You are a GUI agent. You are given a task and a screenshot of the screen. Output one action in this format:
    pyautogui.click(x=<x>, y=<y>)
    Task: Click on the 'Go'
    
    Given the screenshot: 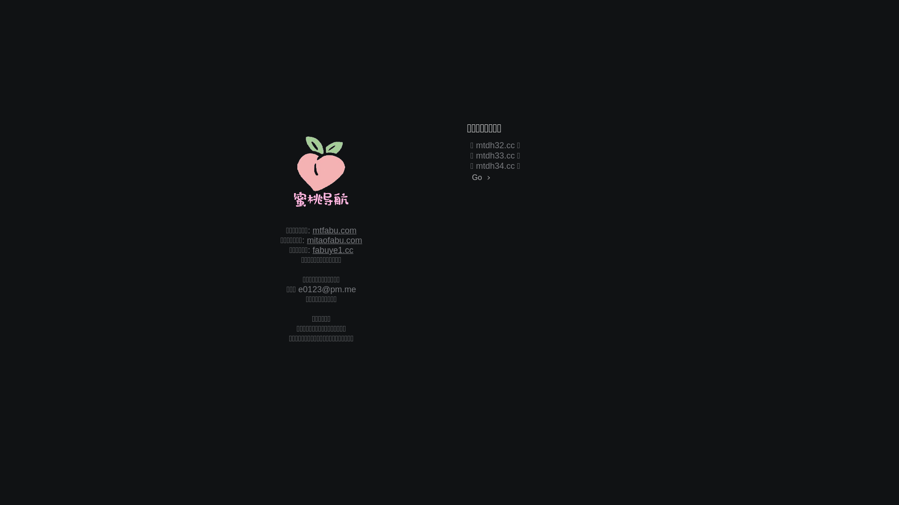 What is the action you would take?
    pyautogui.click(x=470, y=177)
    